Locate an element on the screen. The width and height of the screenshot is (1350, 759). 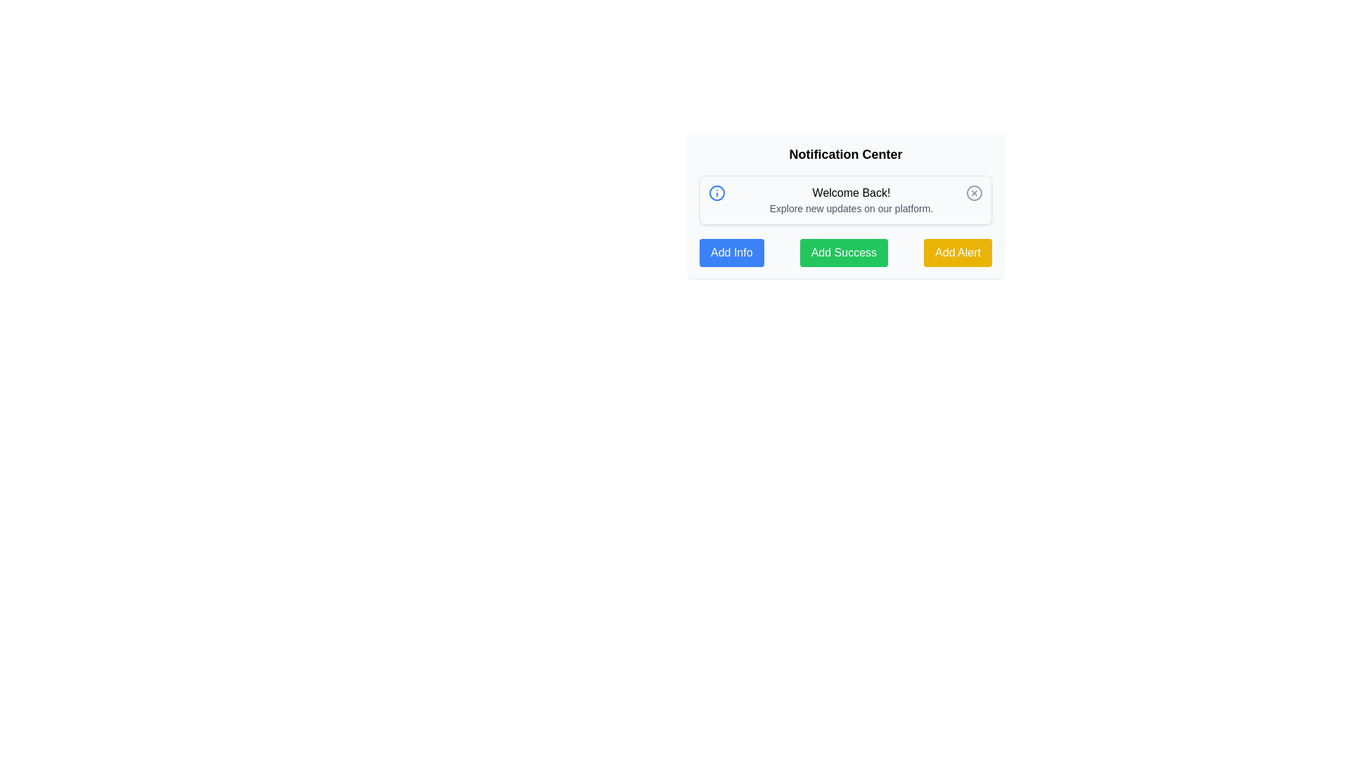
the 'Add Success' button, which is the second button in a group of three buttons under the 'Welcome Back!' section of the 'Notification Center' panel is located at coordinates (844, 252).